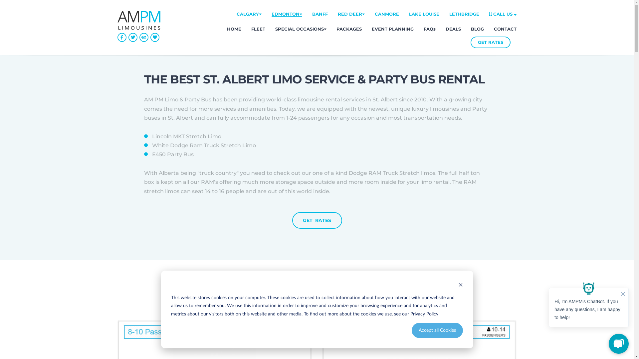  What do you see at coordinates (477, 29) in the screenshot?
I see `'BLOG'` at bounding box center [477, 29].